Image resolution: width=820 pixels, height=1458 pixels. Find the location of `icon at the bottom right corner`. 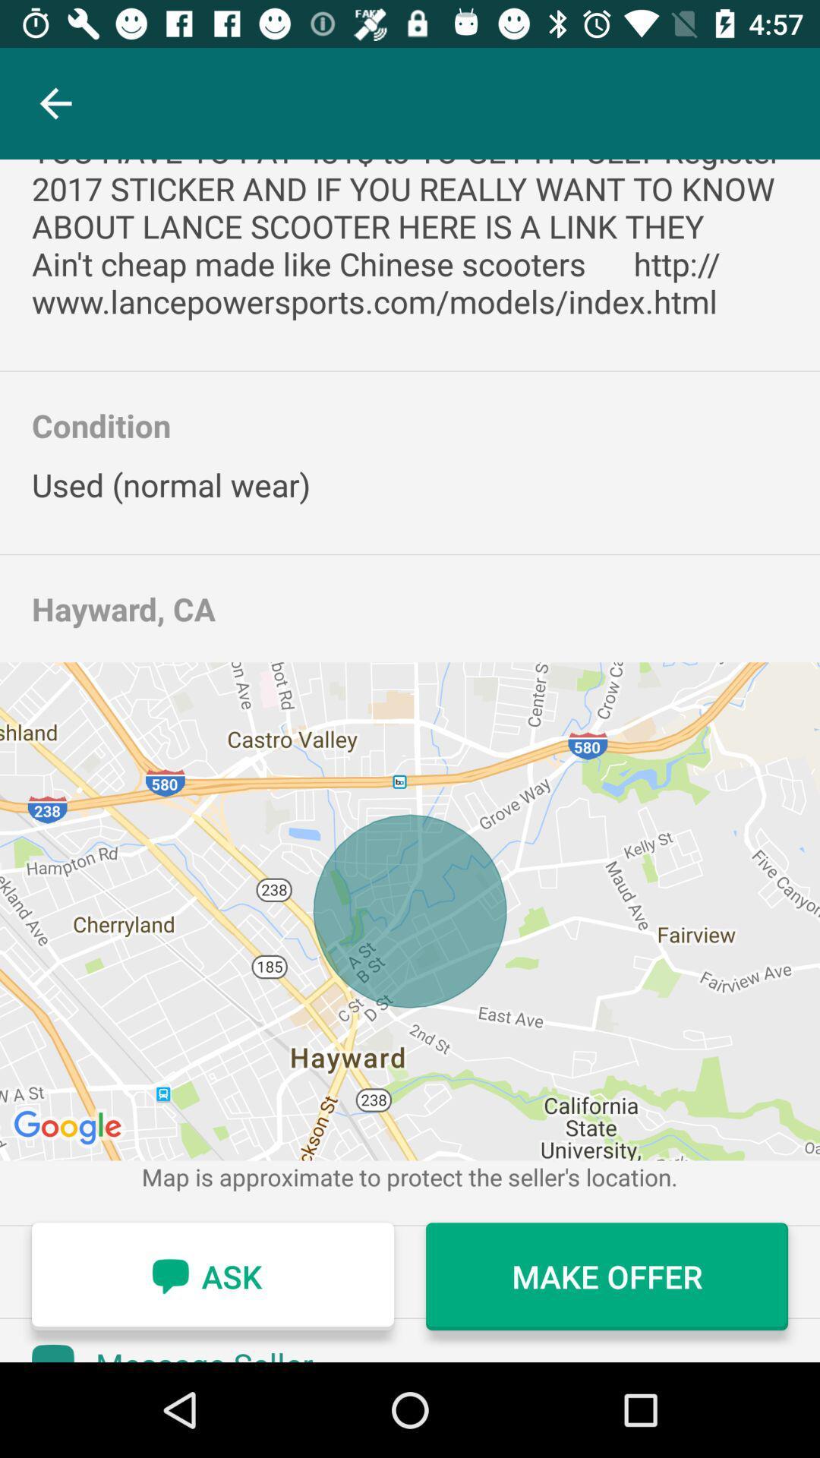

icon at the bottom right corner is located at coordinates (606, 1276).